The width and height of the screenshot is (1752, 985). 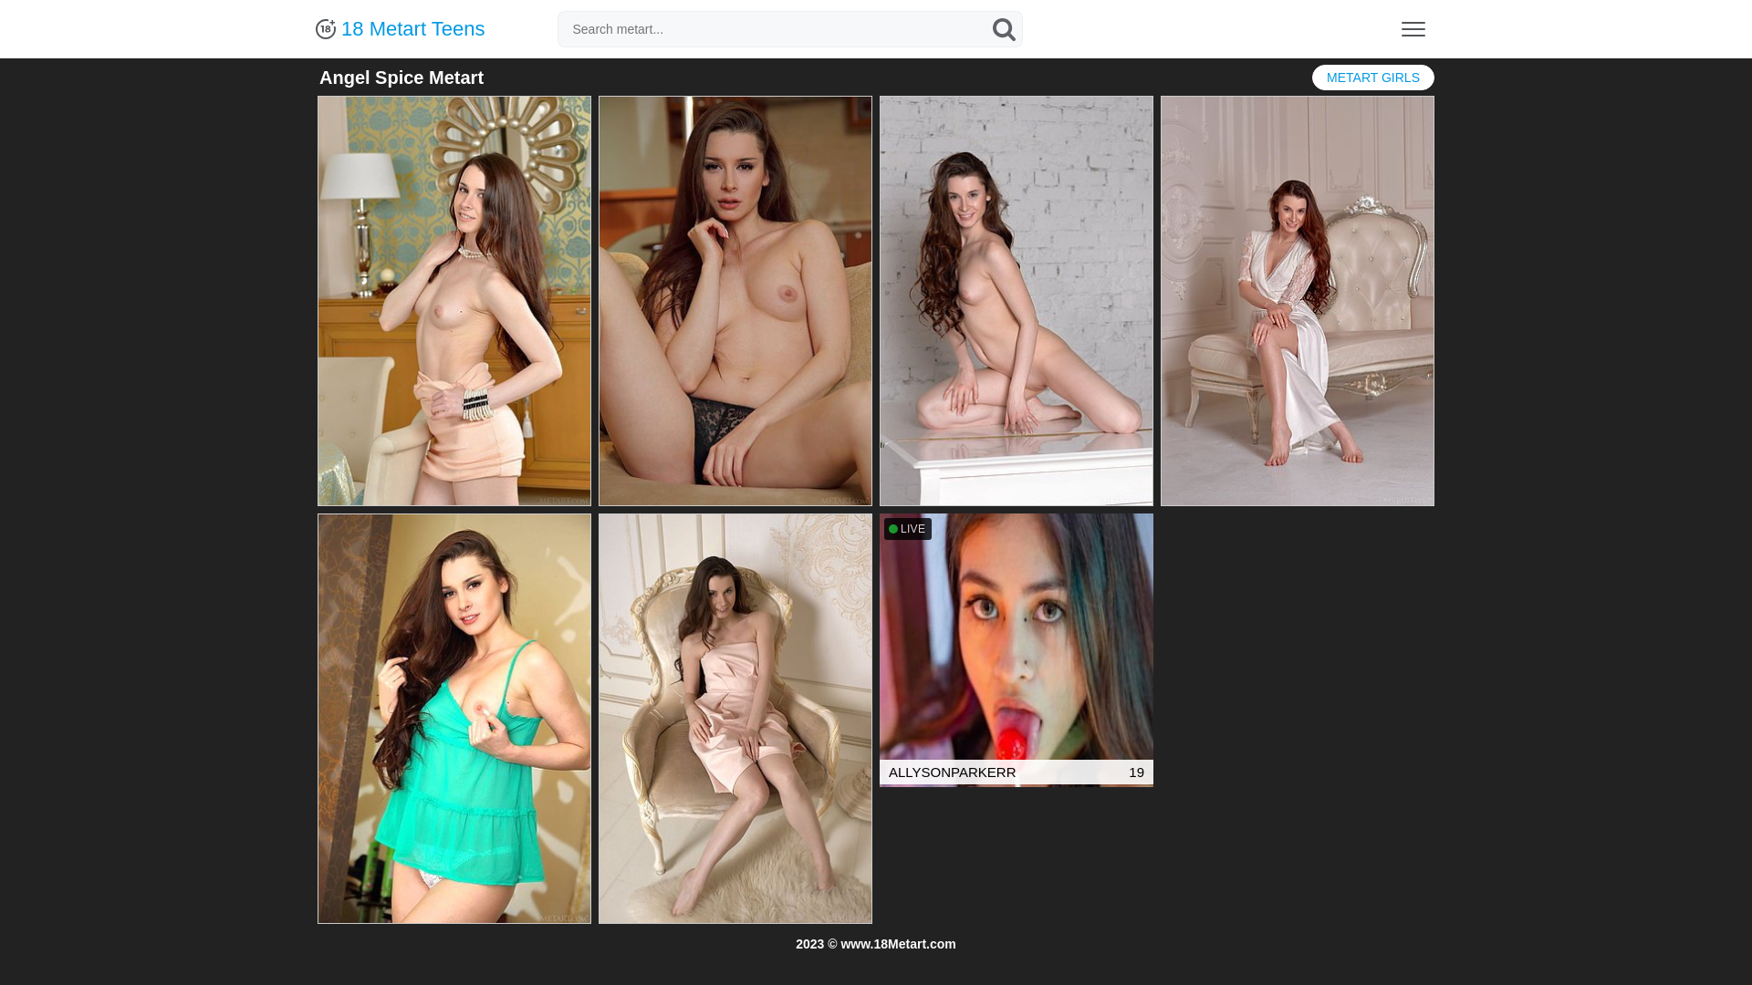 I want to click on '18 Metart Teens', so click(x=315, y=28).